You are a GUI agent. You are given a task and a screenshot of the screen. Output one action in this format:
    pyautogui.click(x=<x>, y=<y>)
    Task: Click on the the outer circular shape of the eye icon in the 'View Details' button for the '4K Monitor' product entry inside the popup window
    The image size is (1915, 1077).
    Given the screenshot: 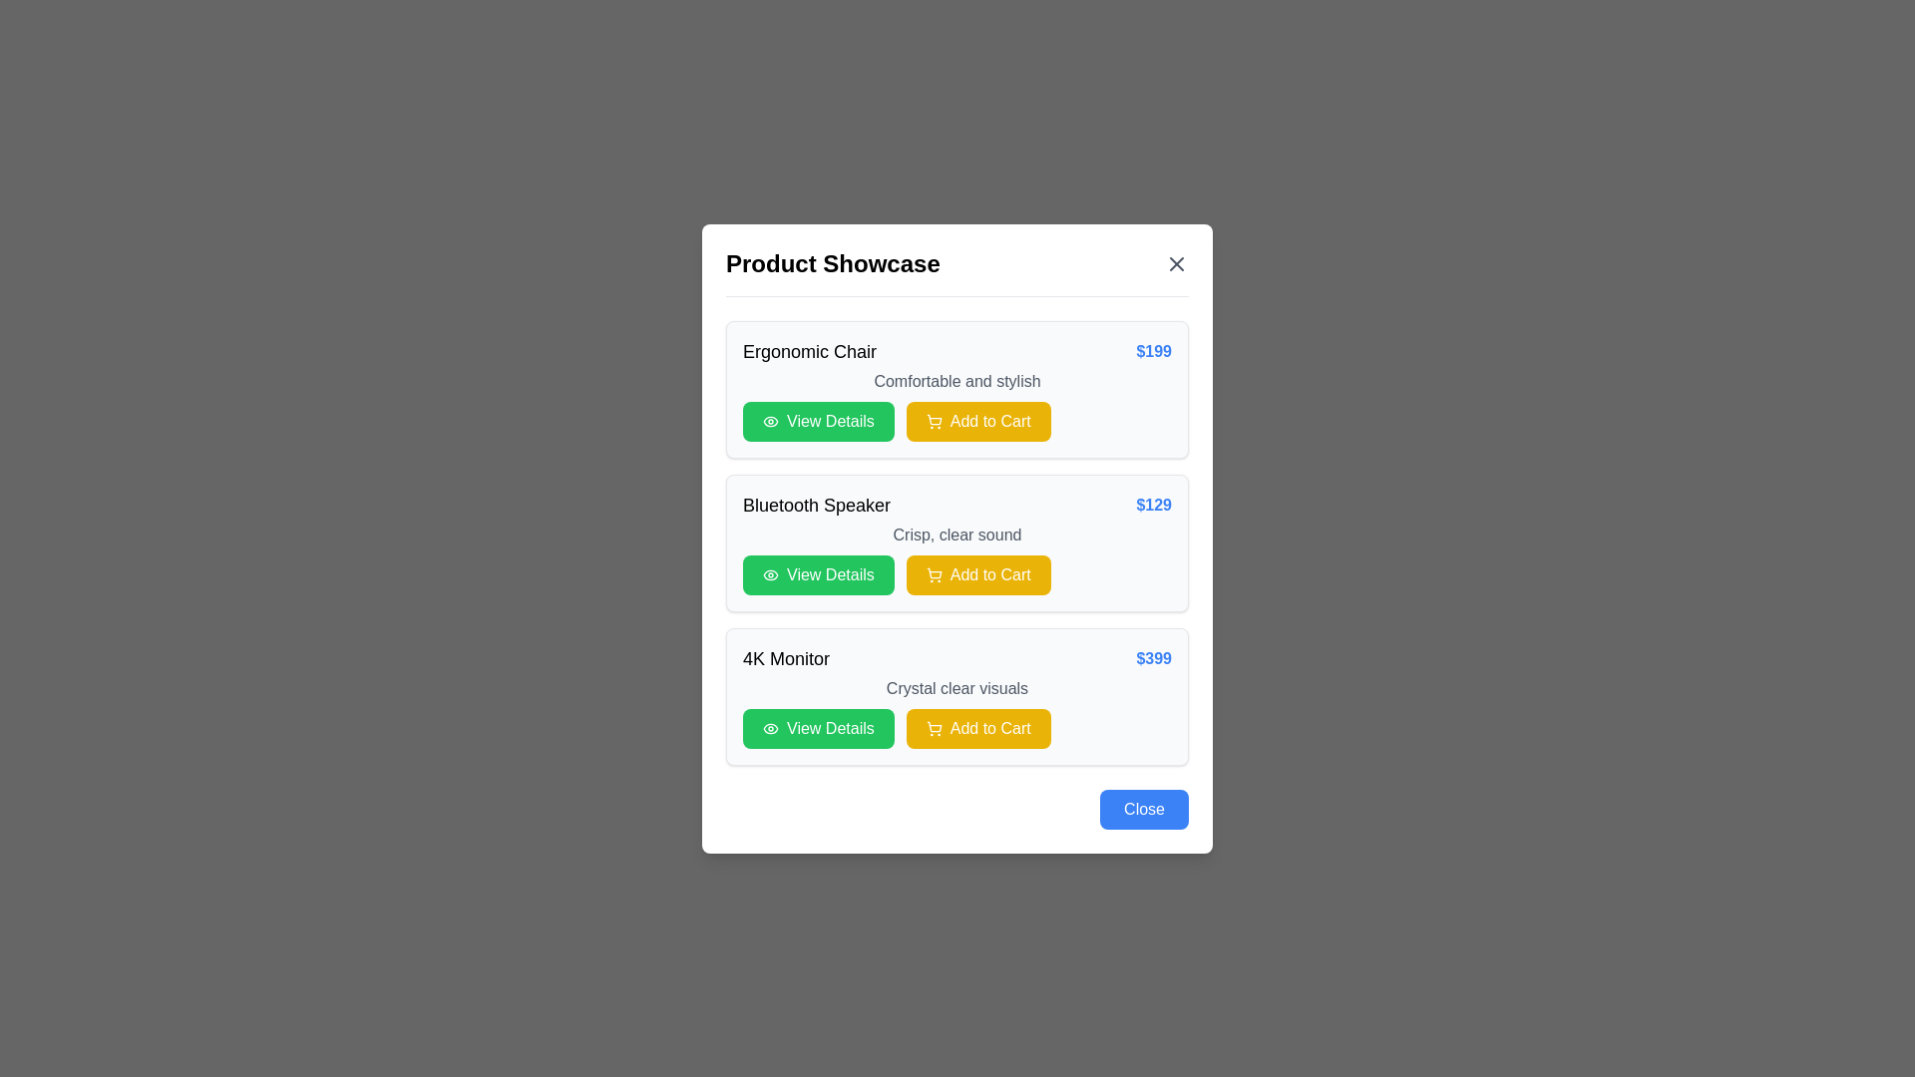 What is the action you would take?
    pyautogui.click(x=769, y=728)
    